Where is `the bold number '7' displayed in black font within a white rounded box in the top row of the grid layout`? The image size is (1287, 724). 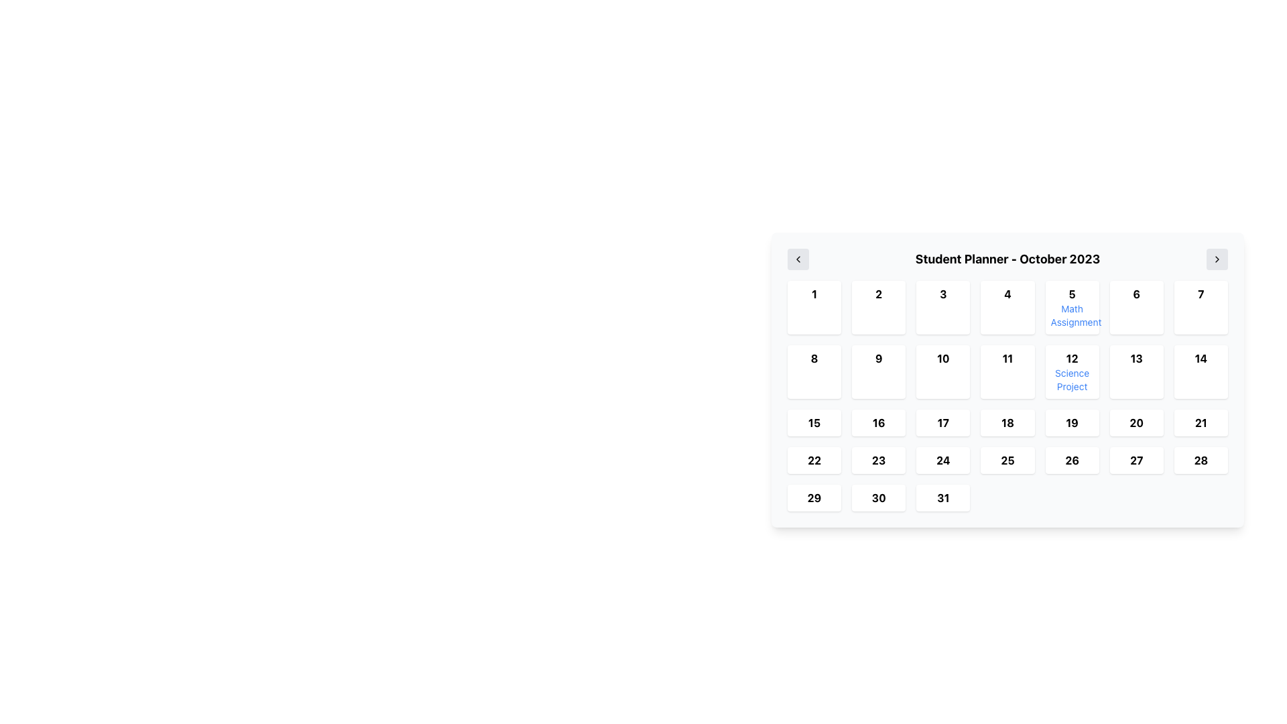
the bold number '7' displayed in black font within a white rounded box in the top row of the grid layout is located at coordinates (1201, 294).